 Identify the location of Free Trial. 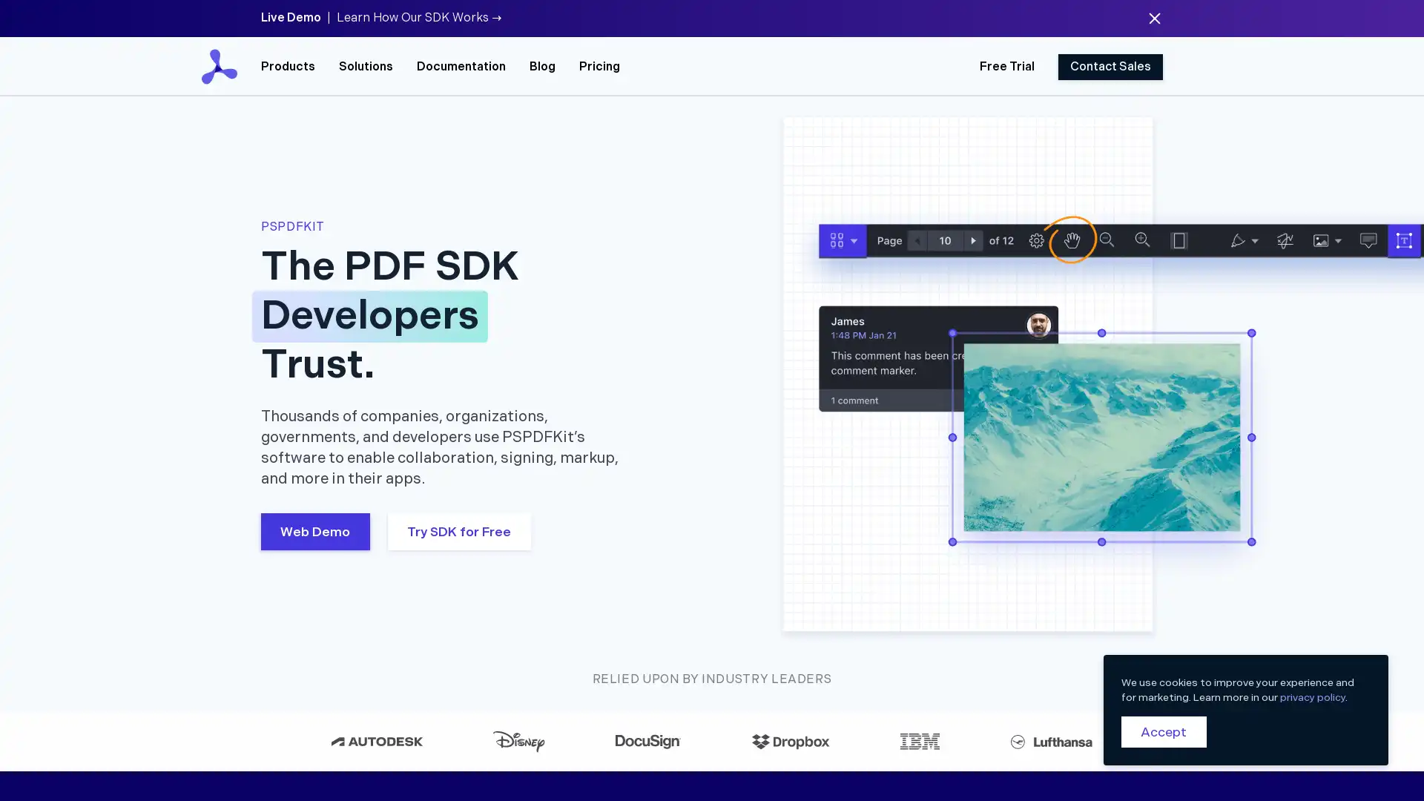
(1007, 65).